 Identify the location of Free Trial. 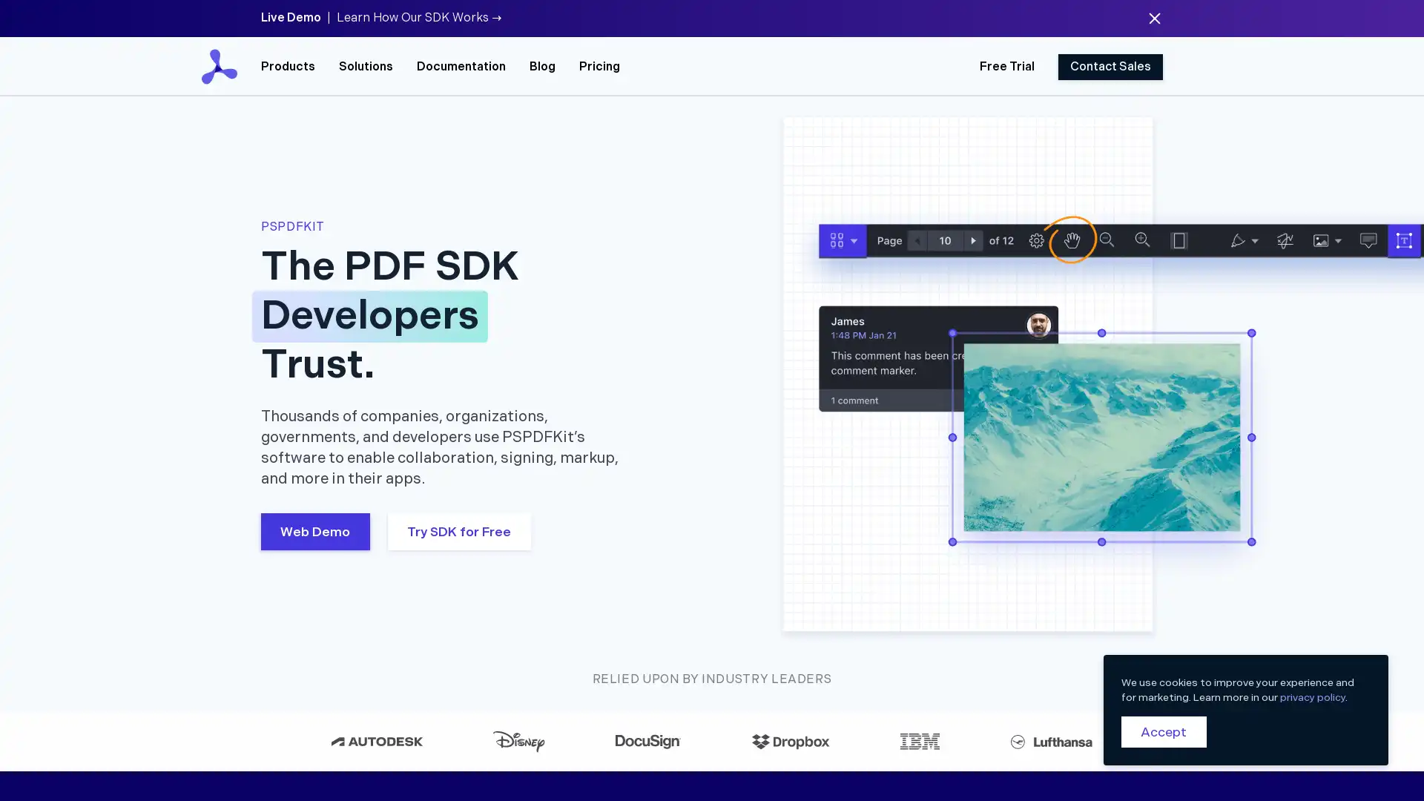
(1007, 65).